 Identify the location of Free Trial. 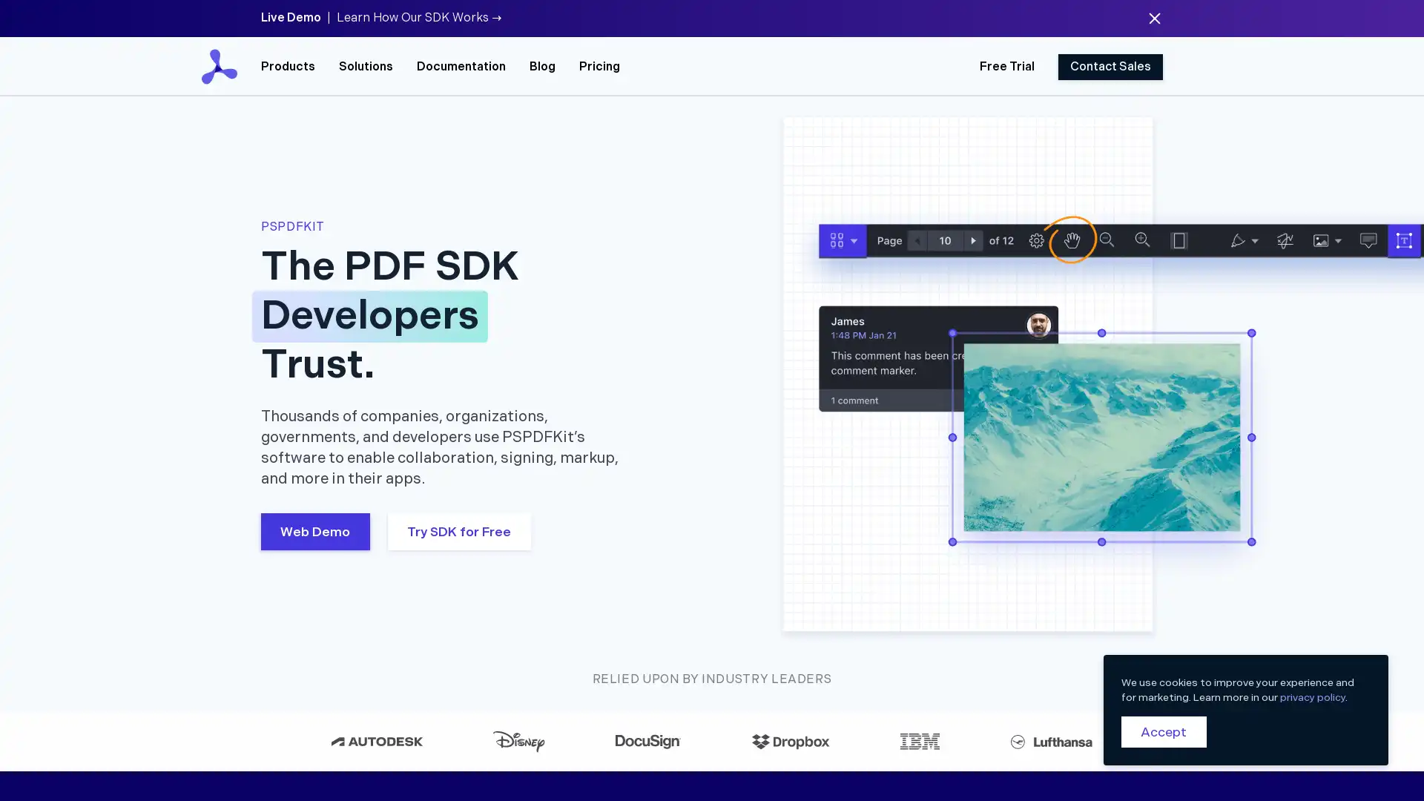
(1007, 65).